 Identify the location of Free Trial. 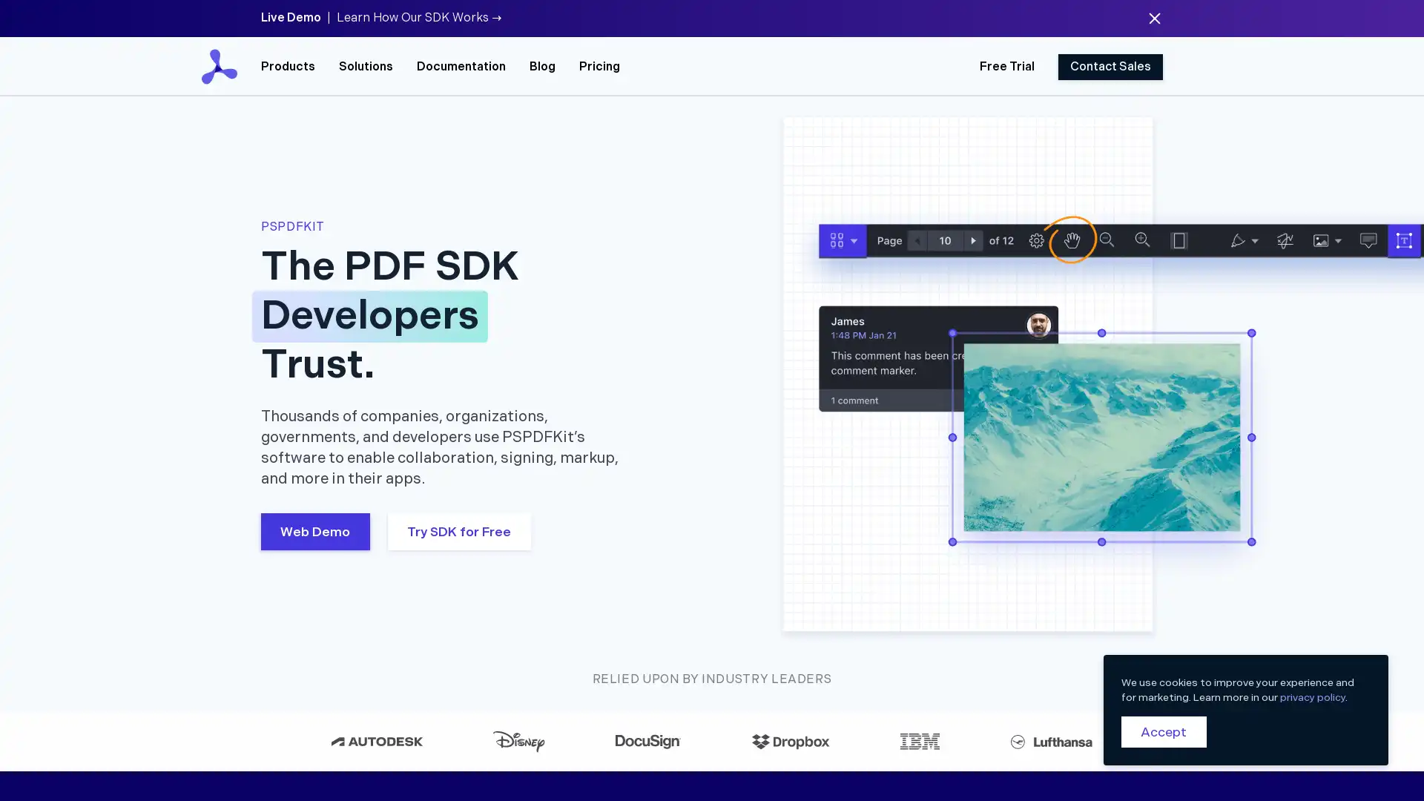
(1007, 65).